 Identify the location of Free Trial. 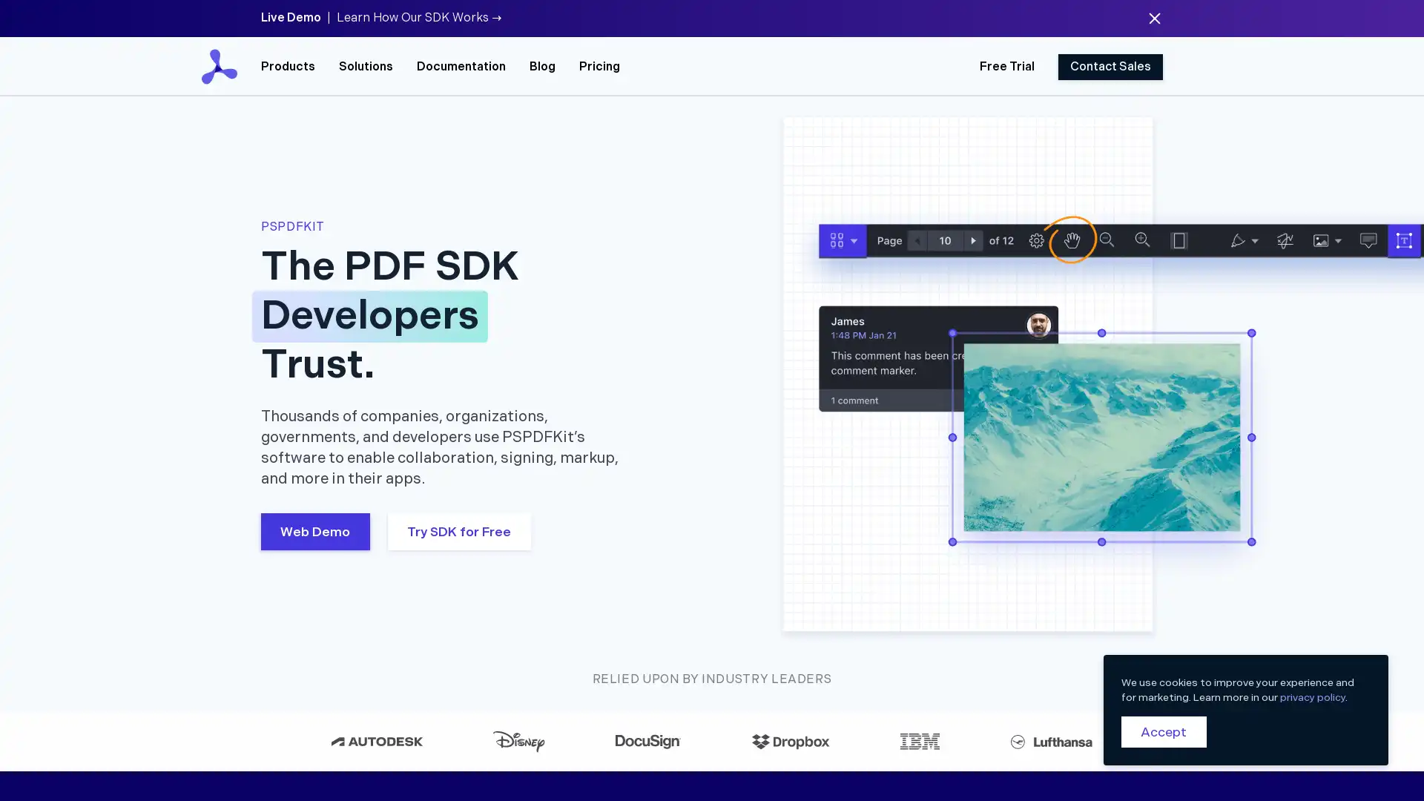
(1007, 65).